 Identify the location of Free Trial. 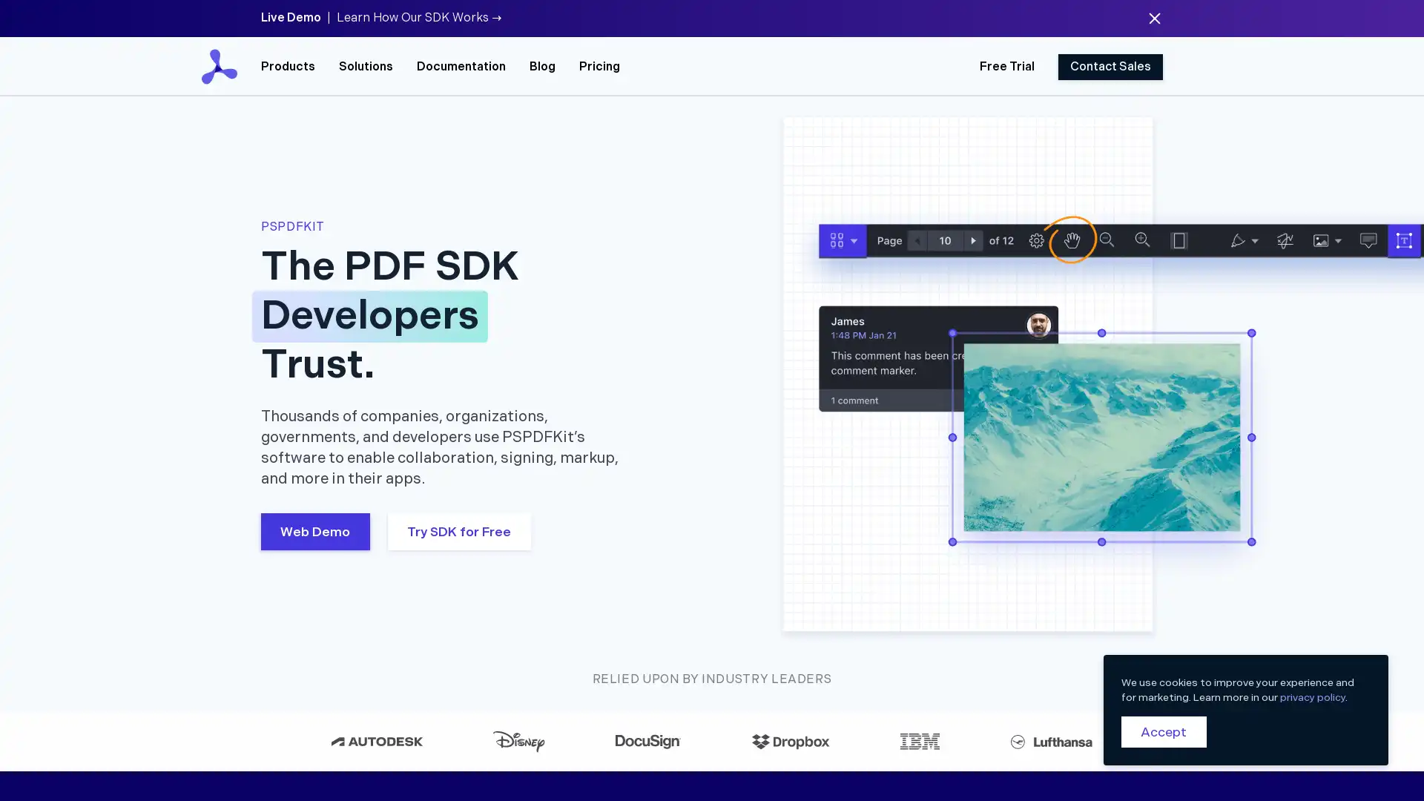
(1007, 65).